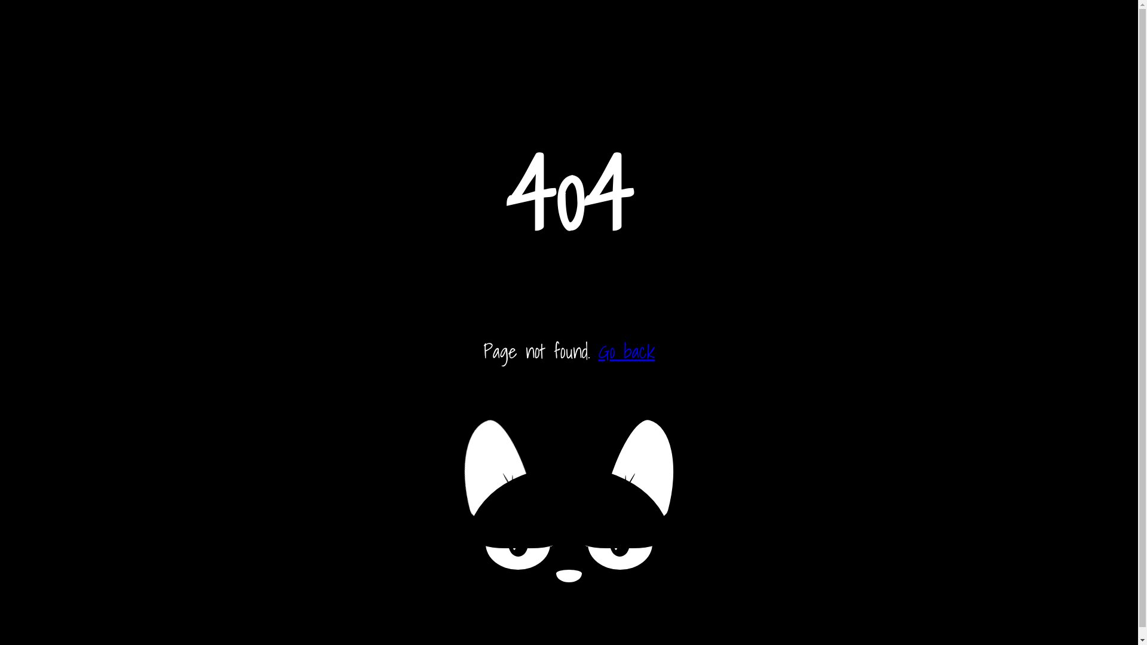 The image size is (1147, 645). I want to click on 'Go back', so click(599, 350).